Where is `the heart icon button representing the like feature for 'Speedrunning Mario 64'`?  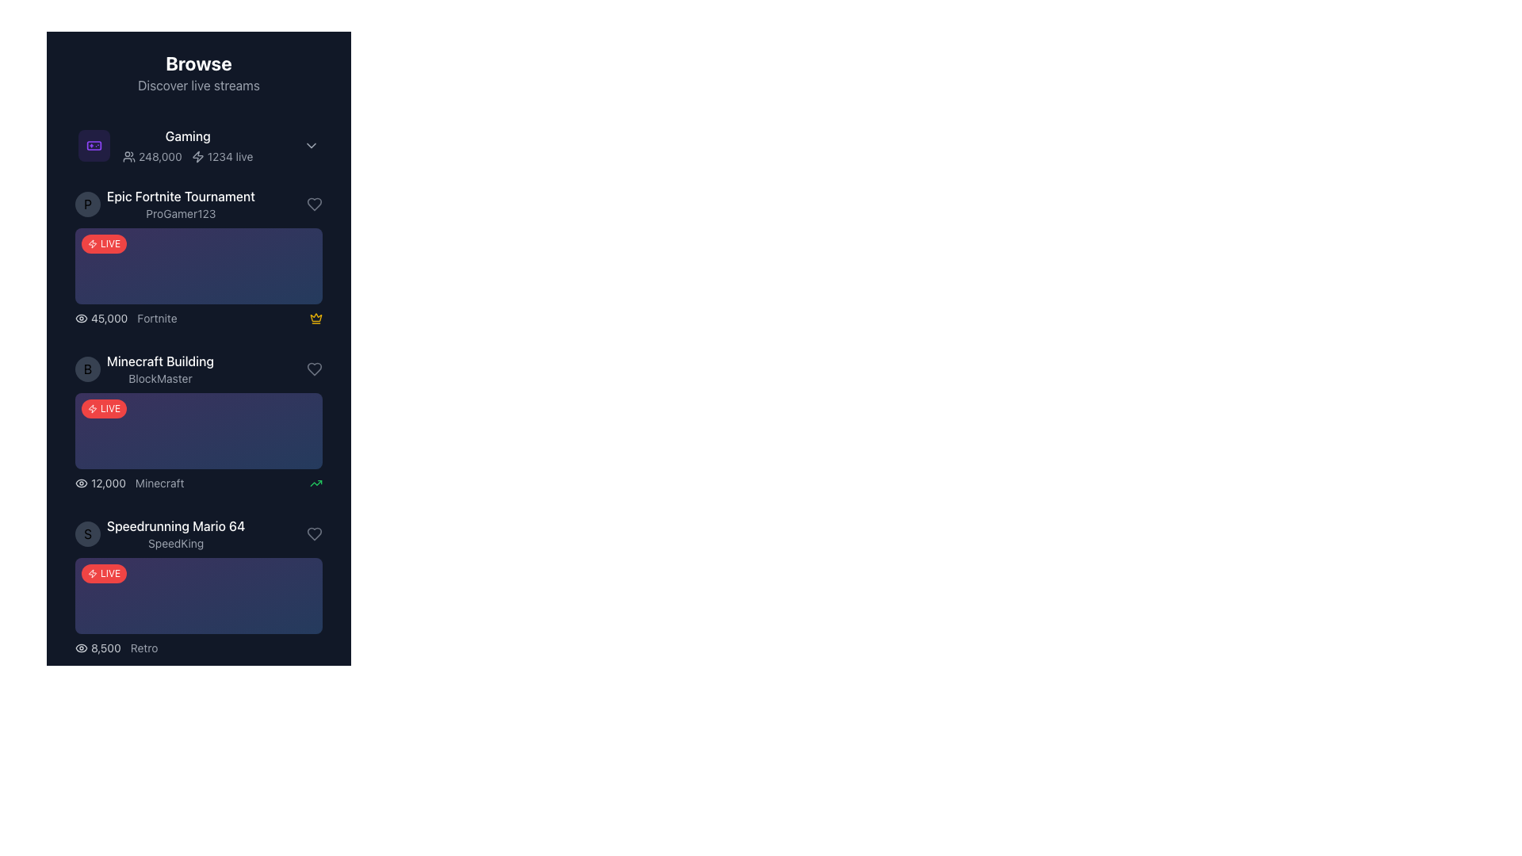
the heart icon button representing the like feature for 'Speedrunning Mario 64' is located at coordinates (315, 534).